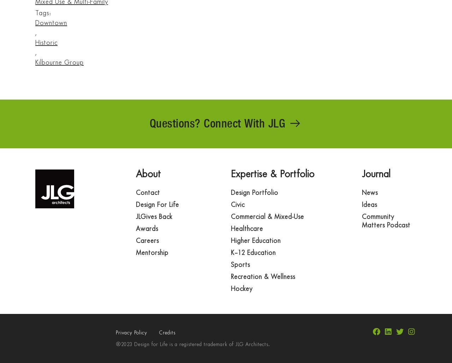 This screenshot has width=452, height=363. Describe the element at coordinates (124, 344) in the screenshot. I see `'®2023'` at that location.